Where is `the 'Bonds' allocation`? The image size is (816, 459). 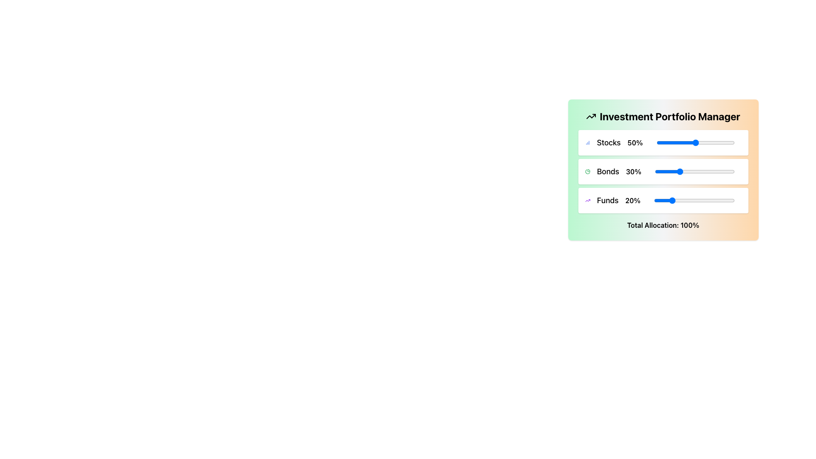 the 'Bonds' allocation is located at coordinates (680, 172).